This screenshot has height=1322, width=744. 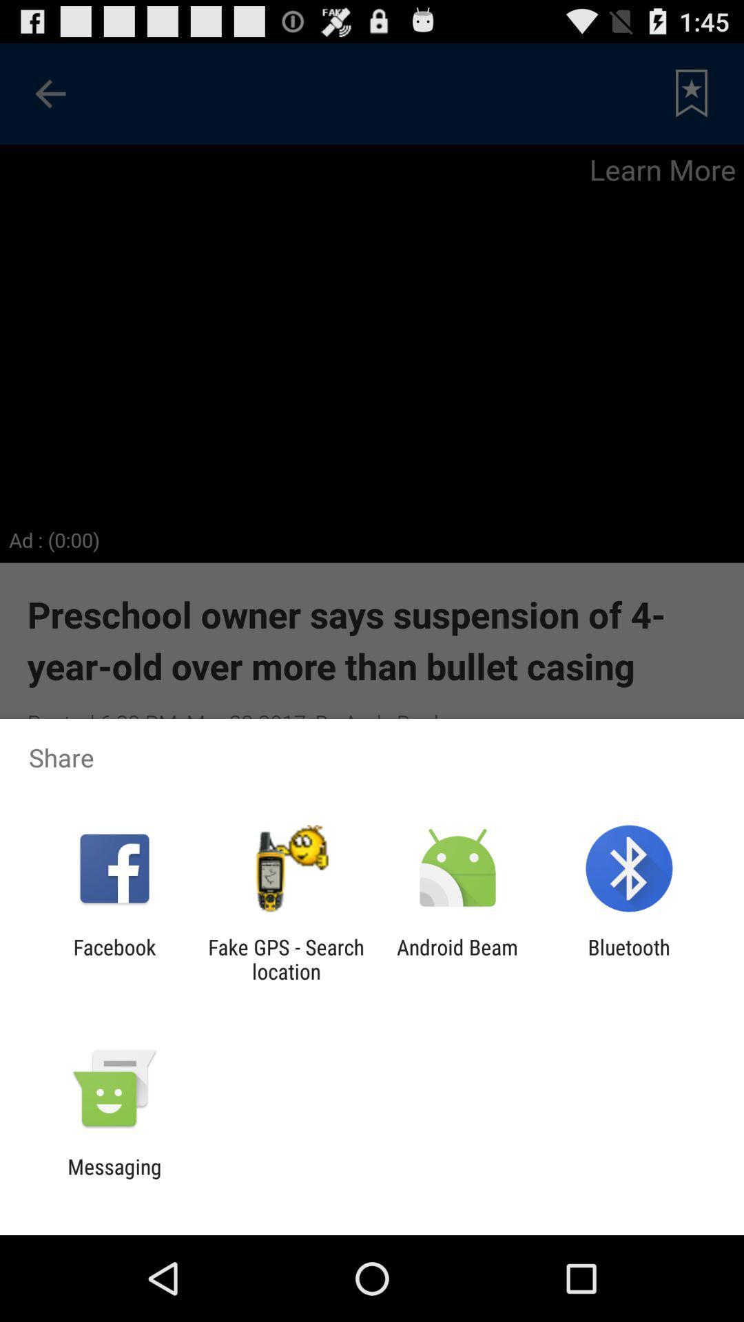 I want to click on the bluetooth item, so click(x=629, y=958).